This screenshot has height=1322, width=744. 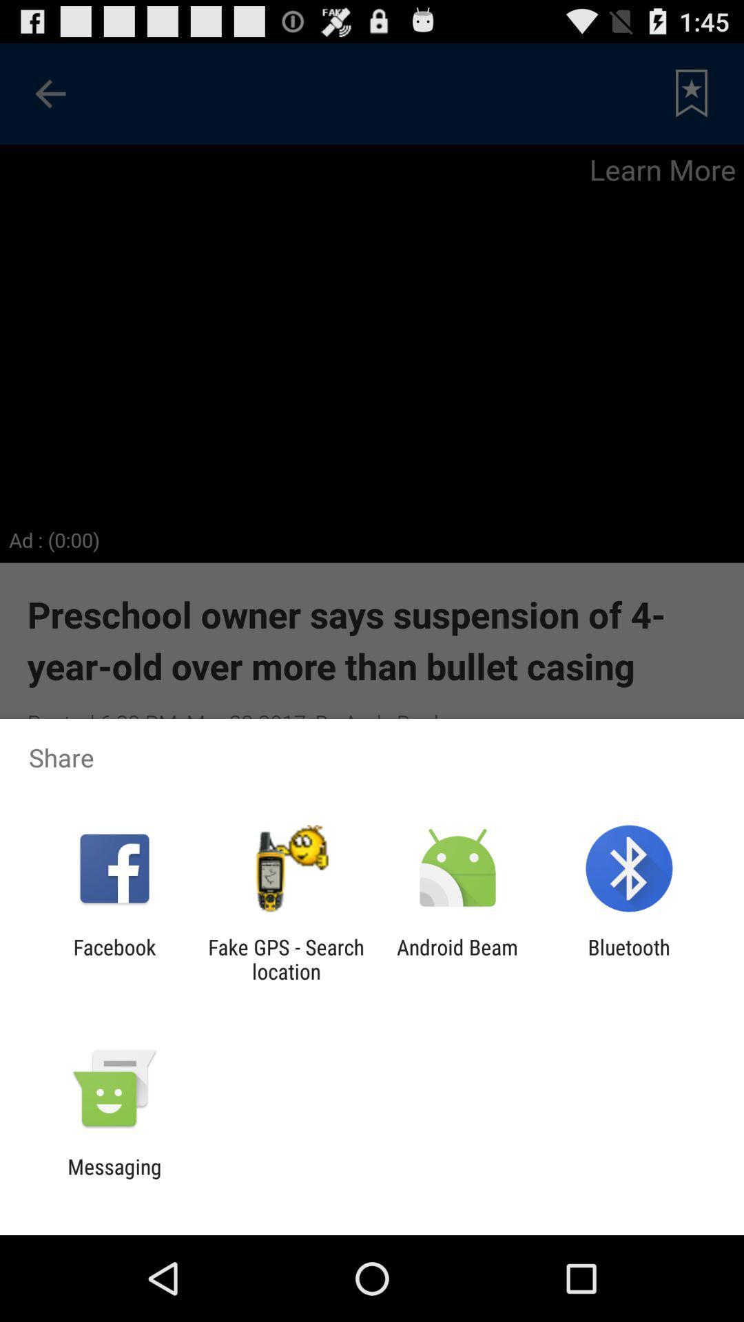 I want to click on the bluetooth item, so click(x=629, y=958).